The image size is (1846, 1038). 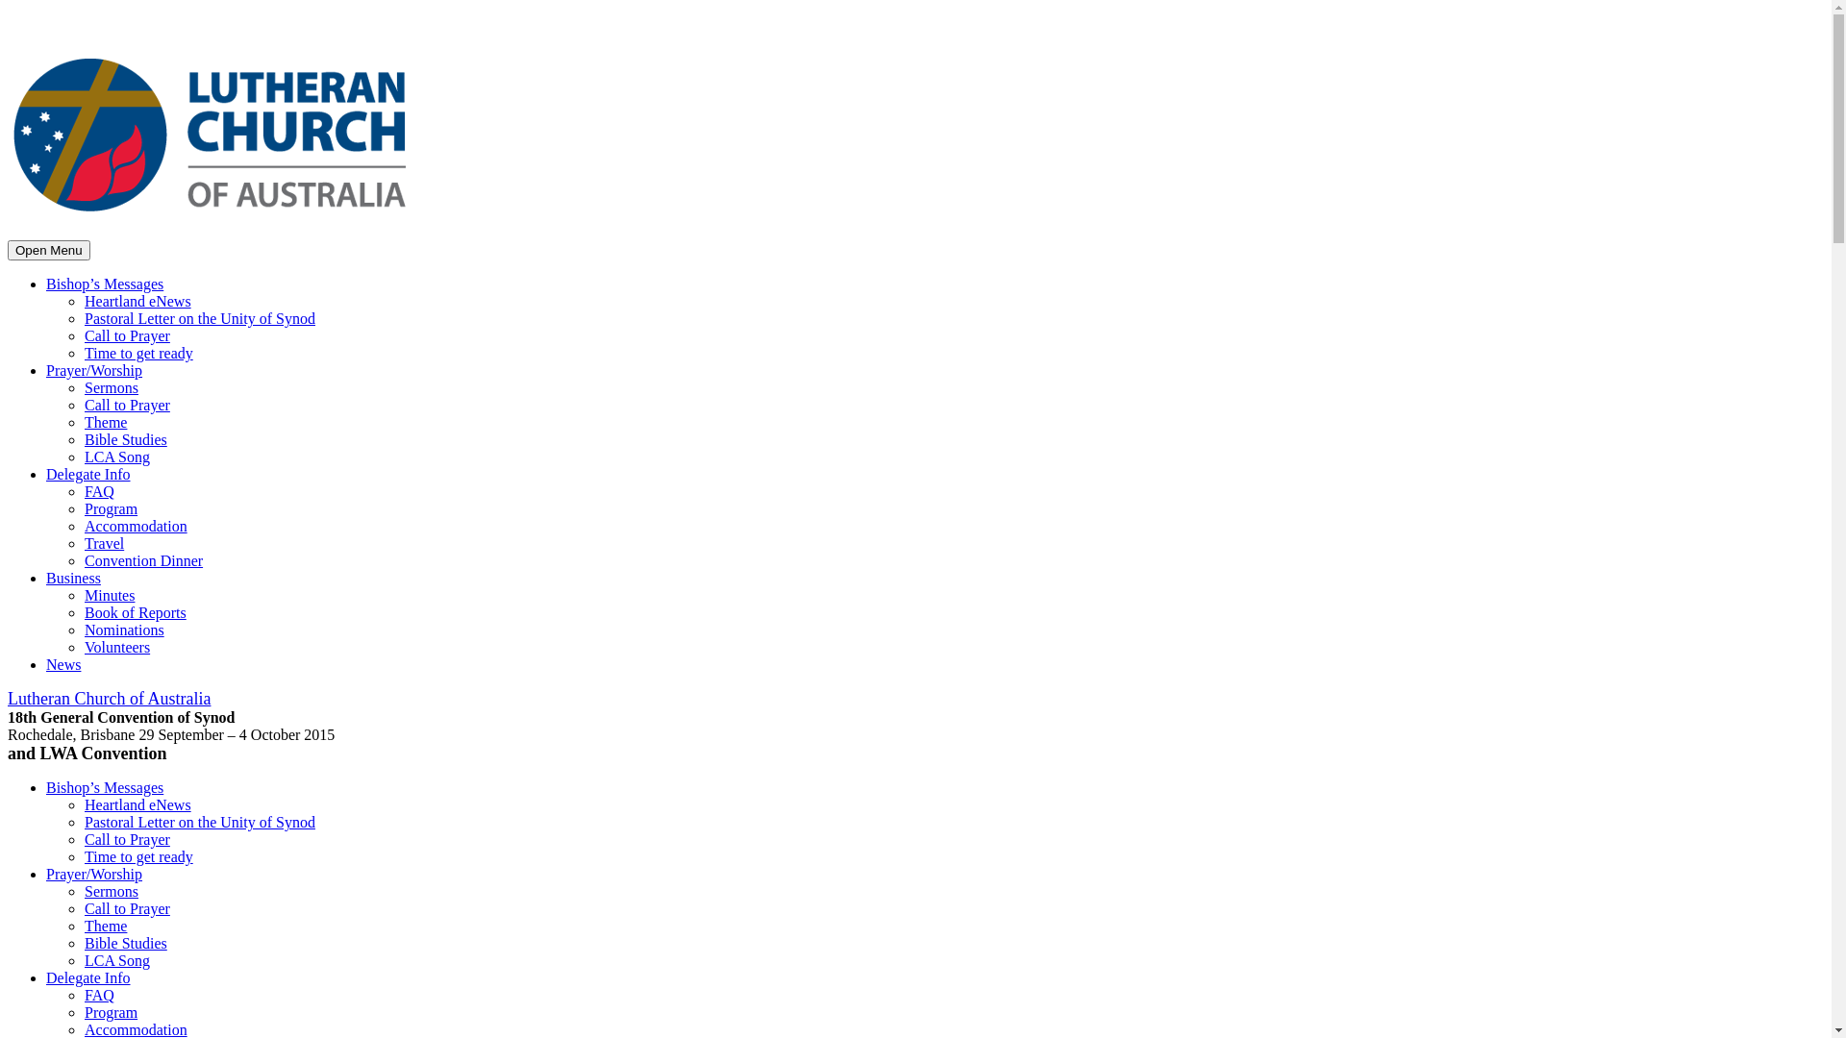 I want to click on 'Pastoral Letter on the Unity of Synod', so click(x=199, y=317).